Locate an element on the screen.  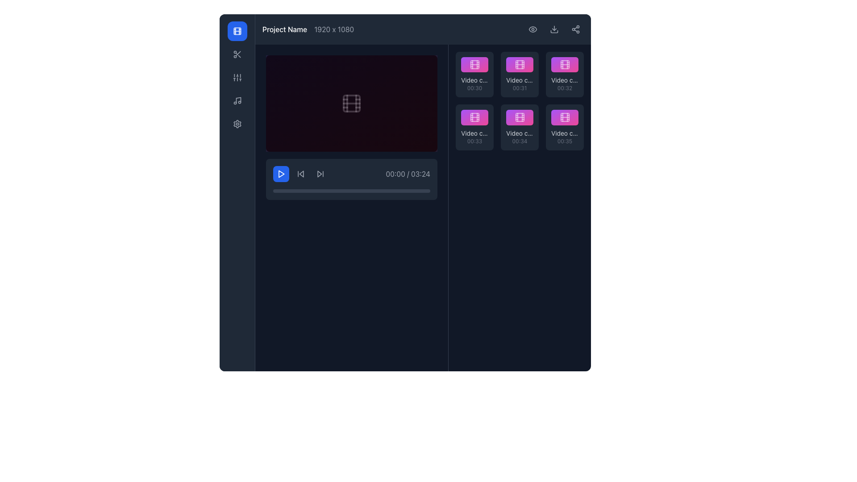
the play button icon located inside the blue button on the left side of the playback controls is located at coordinates (281, 174).